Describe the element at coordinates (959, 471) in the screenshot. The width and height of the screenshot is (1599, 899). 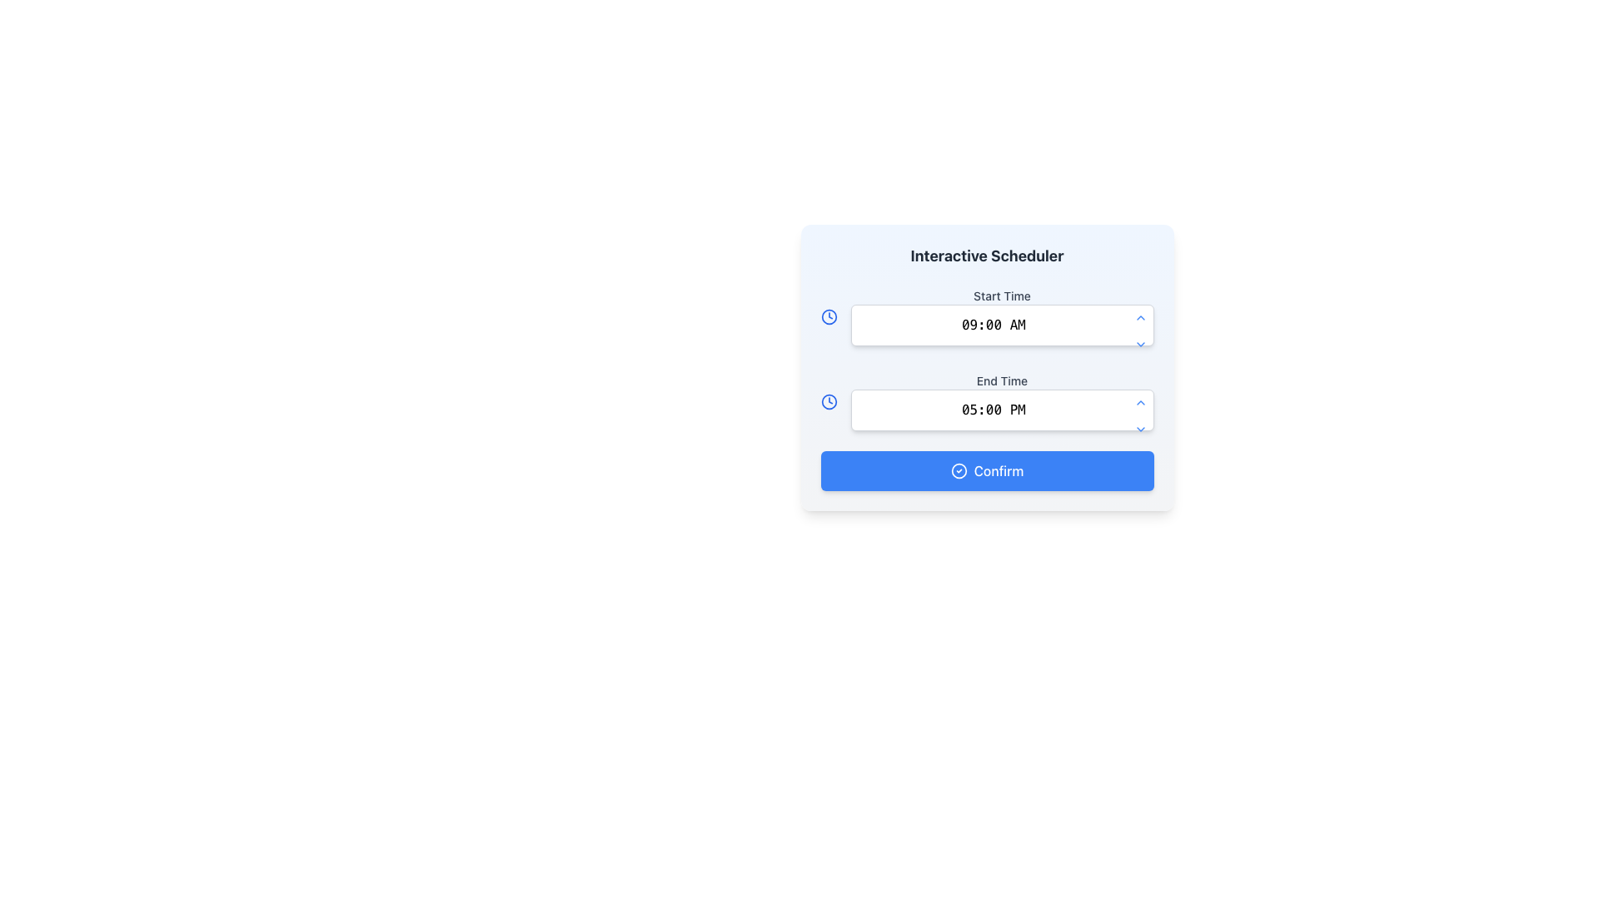
I see `the confirmation SVG icon located at the center of the 'Confirm' button situated at the bottom of the central card interface` at that location.